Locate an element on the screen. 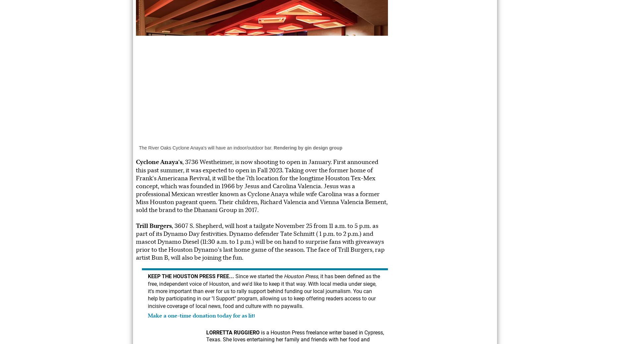 The image size is (630, 344). 'KEEP THE HOUSTON PRESS FREE...' is located at coordinates (191, 276).